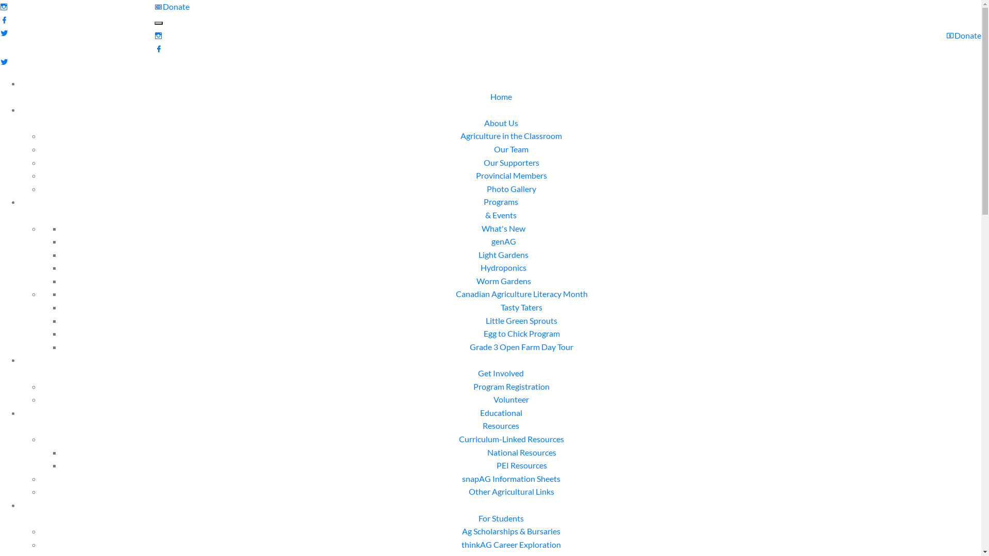  I want to click on 'Grade 3 Open Farm Day Tour', so click(521, 346).